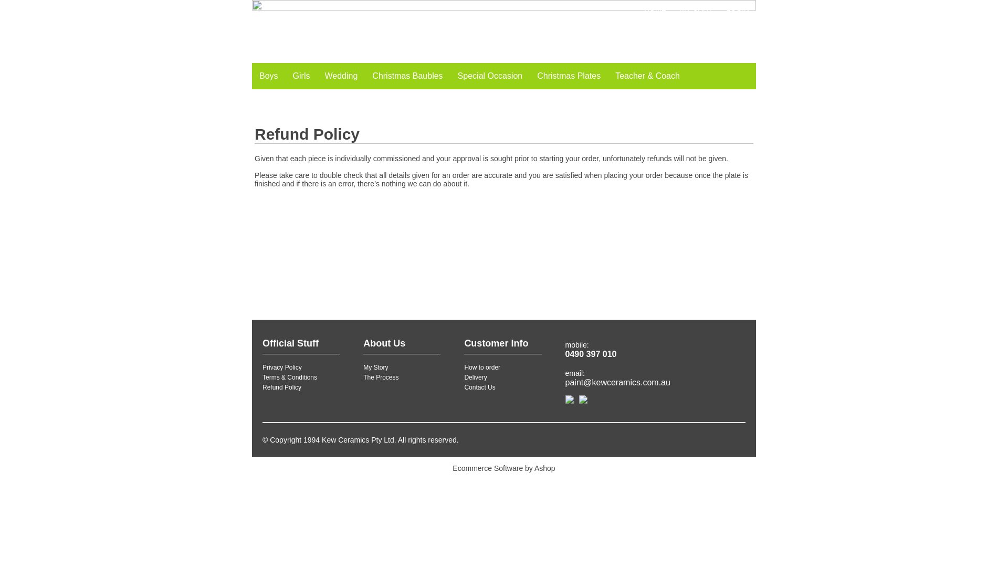  Describe the element at coordinates (463, 376) in the screenshot. I see `'Delivery'` at that location.